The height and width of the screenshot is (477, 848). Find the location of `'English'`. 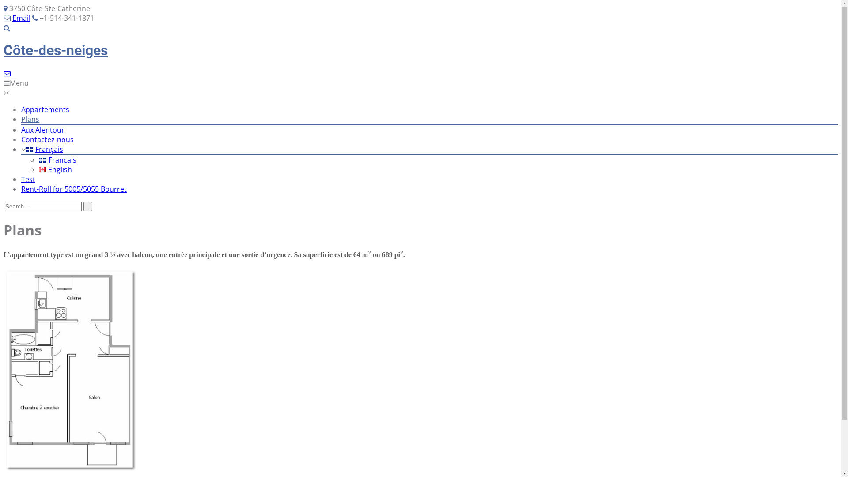

'English' is located at coordinates (55, 170).